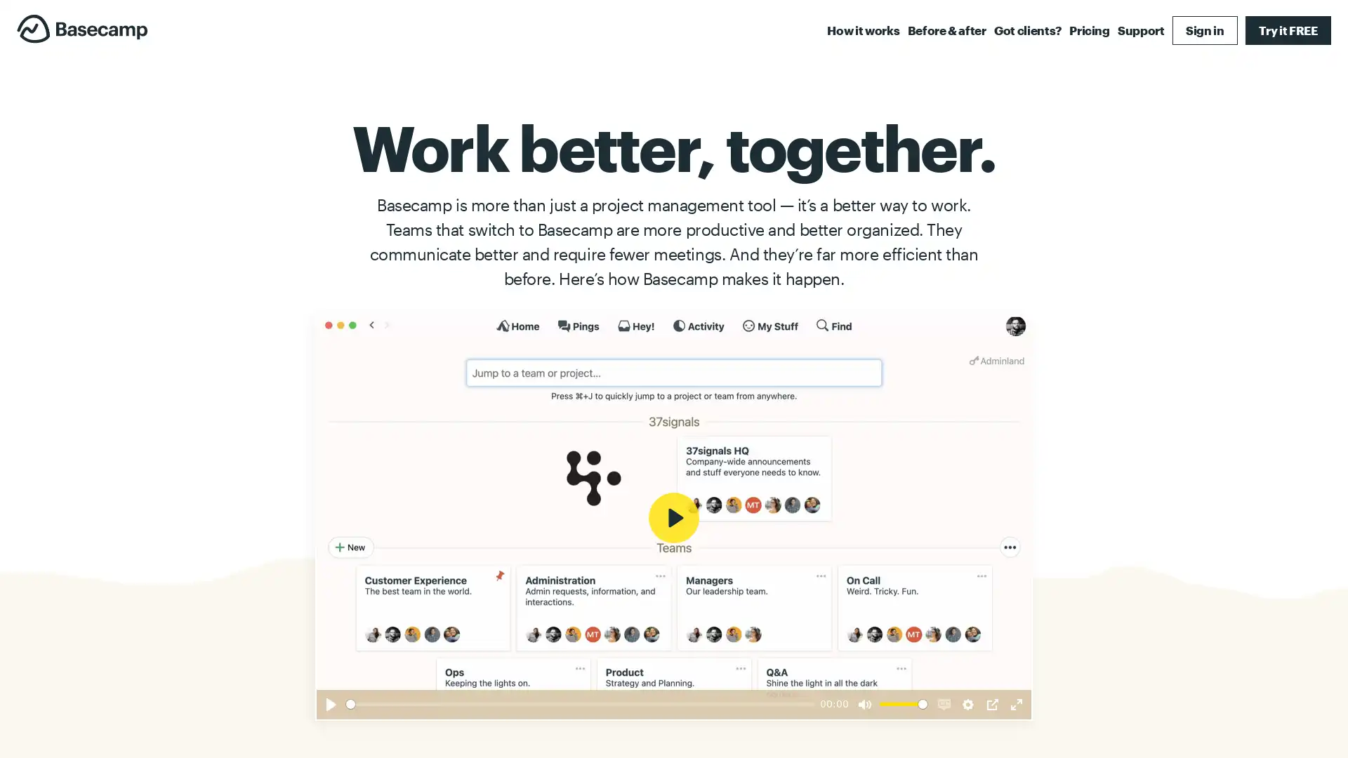 This screenshot has height=758, width=1348. Describe the element at coordinates (329, 703) in the screenshot. I see `Play` at that location.